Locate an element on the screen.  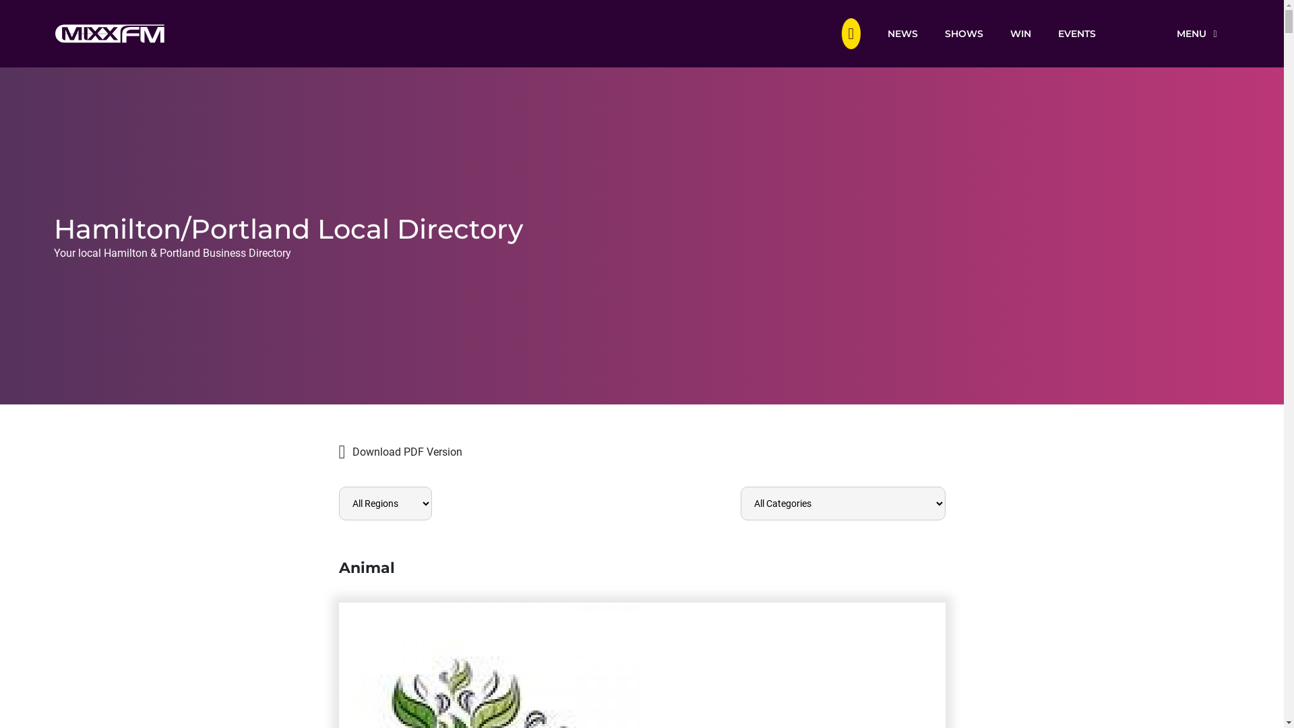
'SHOWS' is located at coordinates (963, 32).